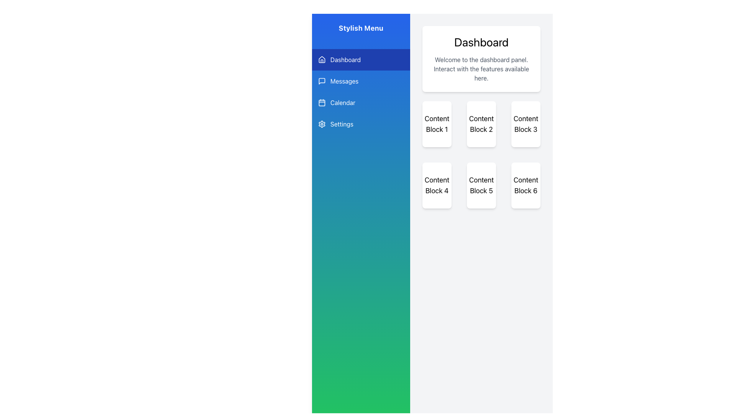 Image resolution: width=736 pixels, height=414 pixels. Describe the element at coordinates (360, 81) in the screenshot. I see `the navigation menu button for accessing the messages section, positioned below the 'Dashboard' and above the 'Calendar', to trigger hover effects` at that location.